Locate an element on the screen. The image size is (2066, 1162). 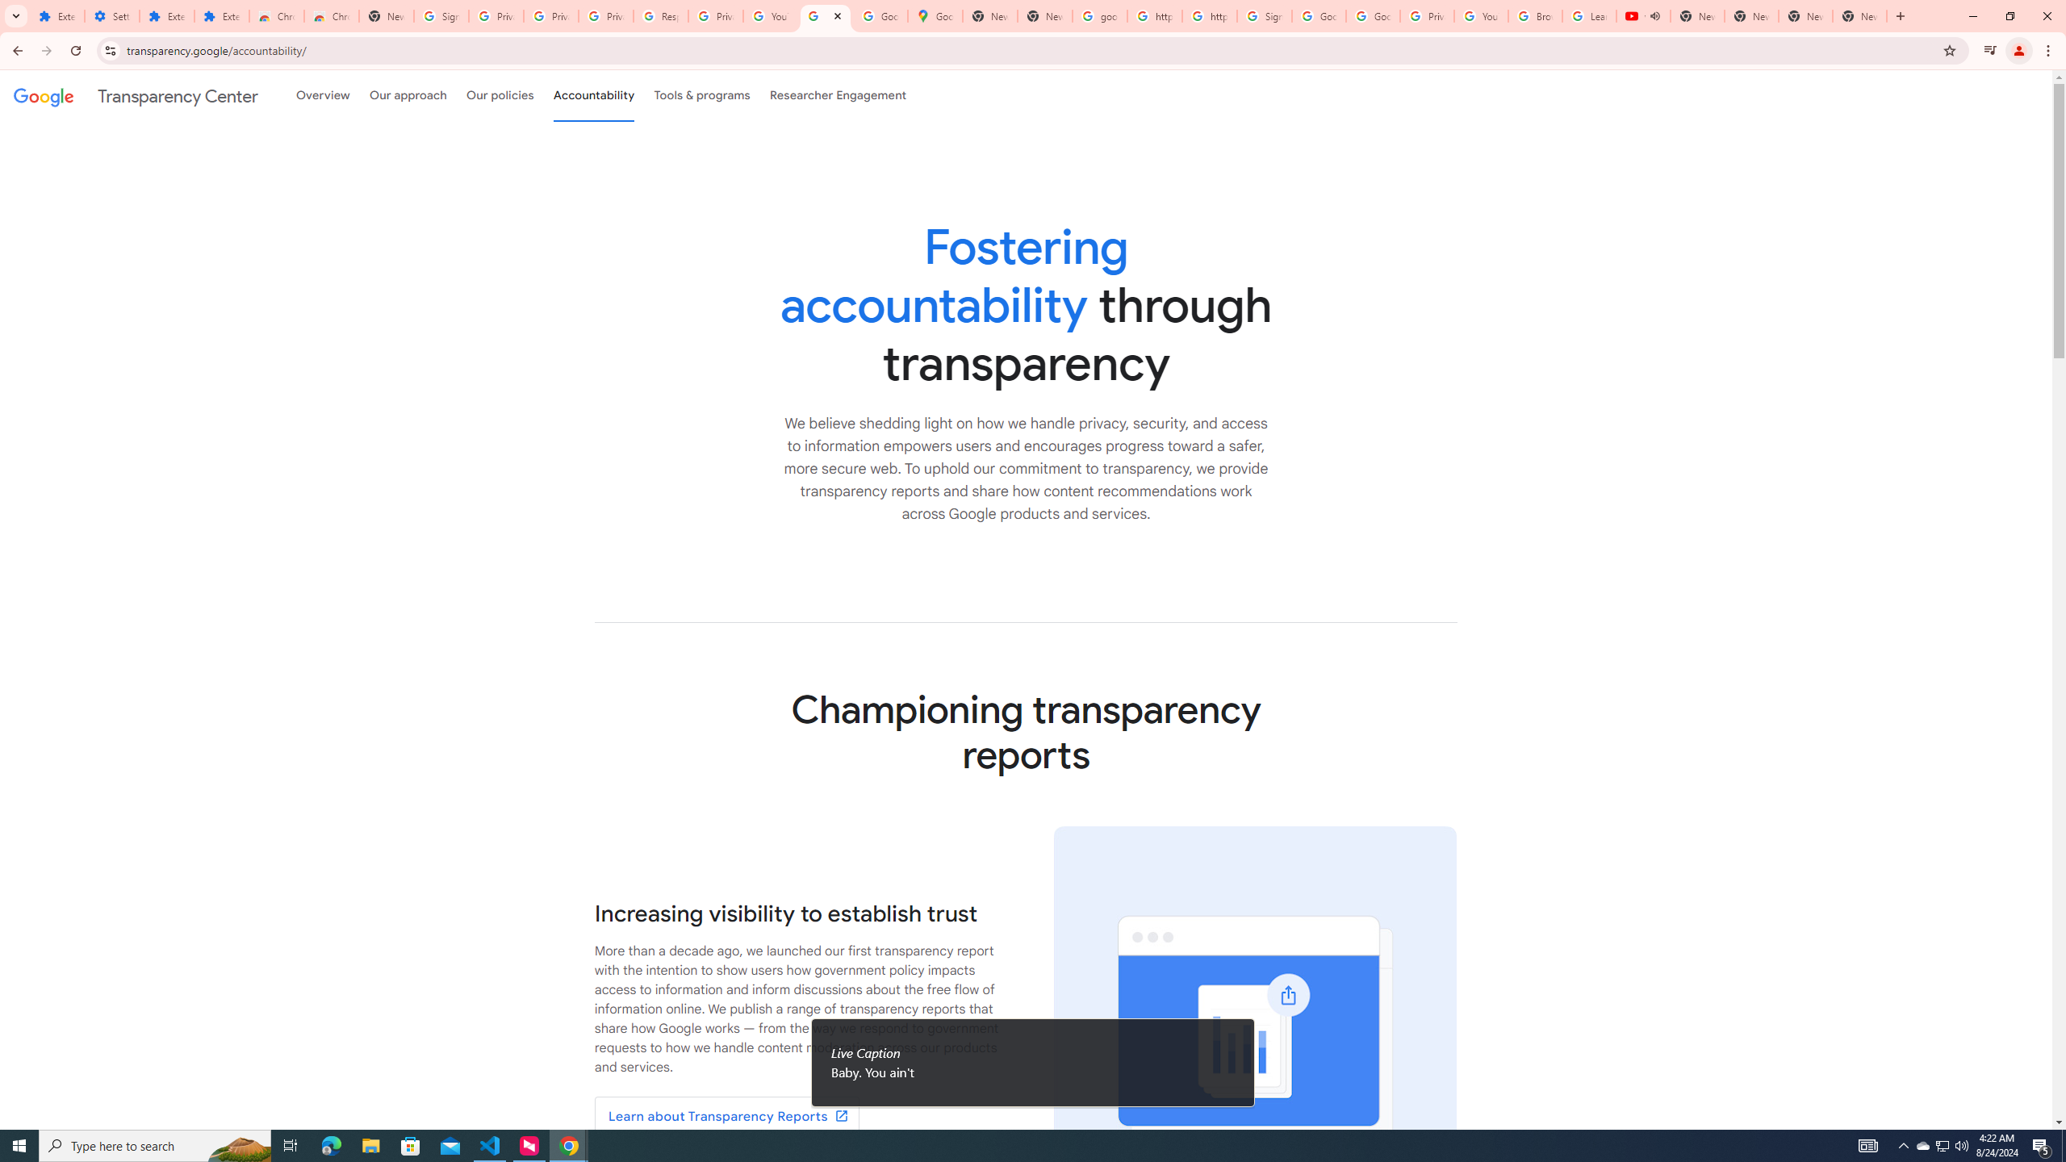
'https://scholar.google.com/' is located at coordinates (1154, 15).